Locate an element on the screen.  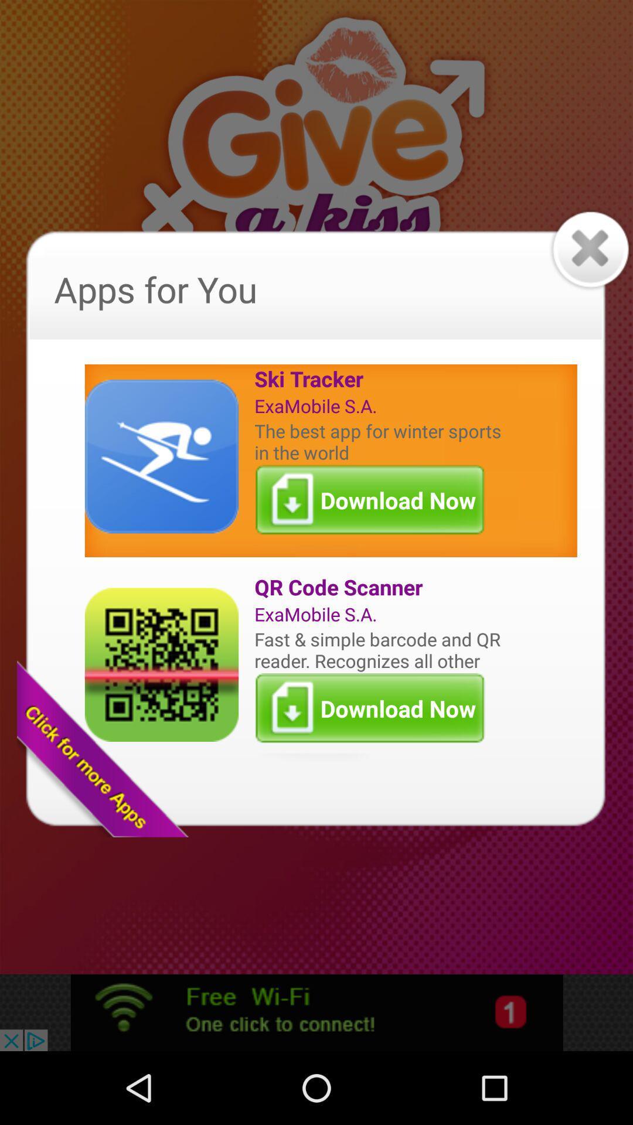
item above download now icon is located at coordinates (380, 441).